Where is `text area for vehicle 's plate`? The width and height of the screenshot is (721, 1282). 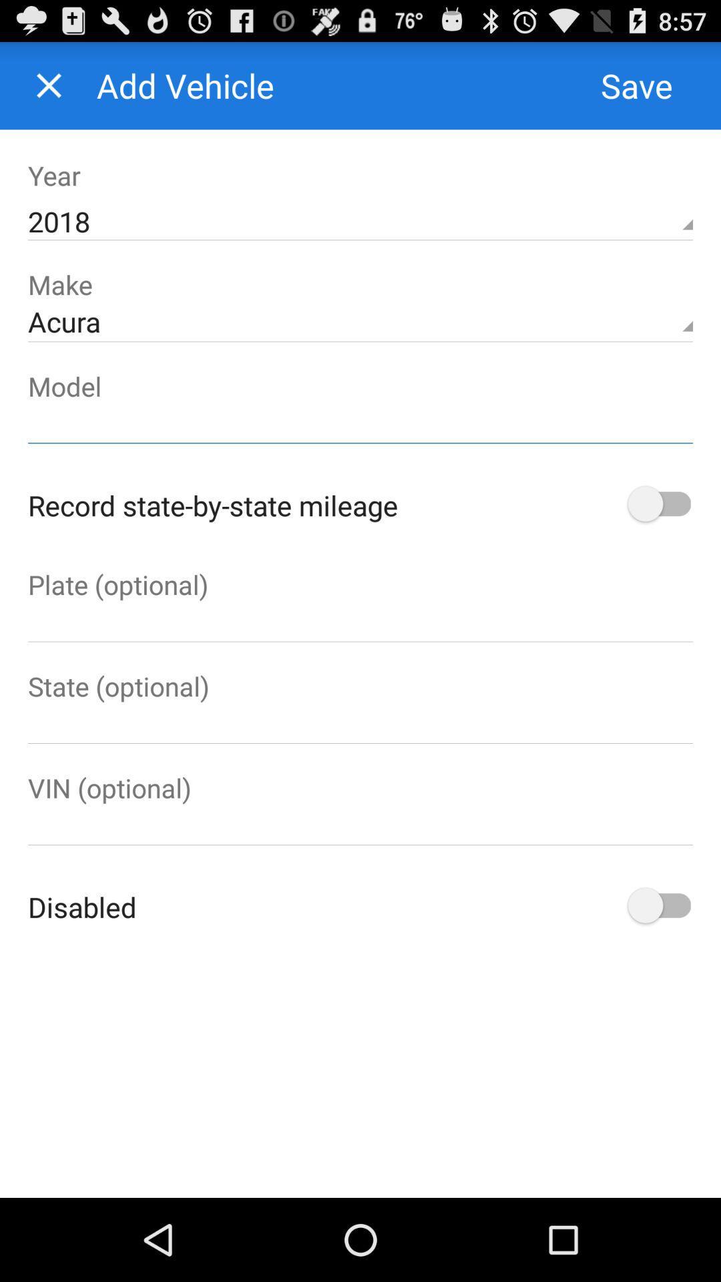 text area for vehicle 's plate is located at coordinates (360, 621).